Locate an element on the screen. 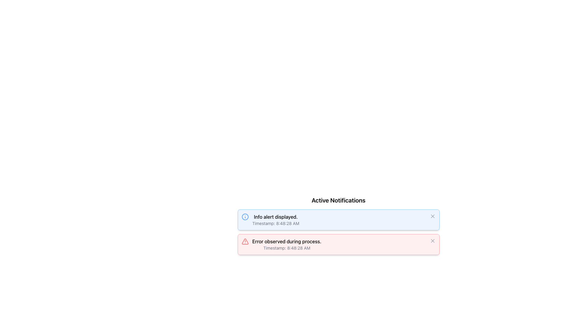 This screenshot has height=324, width=577. the Notification panel titled 'Active Notifications' that contains multiple alert messages with distinct areas for notifications is located at coordinates (338, 226).